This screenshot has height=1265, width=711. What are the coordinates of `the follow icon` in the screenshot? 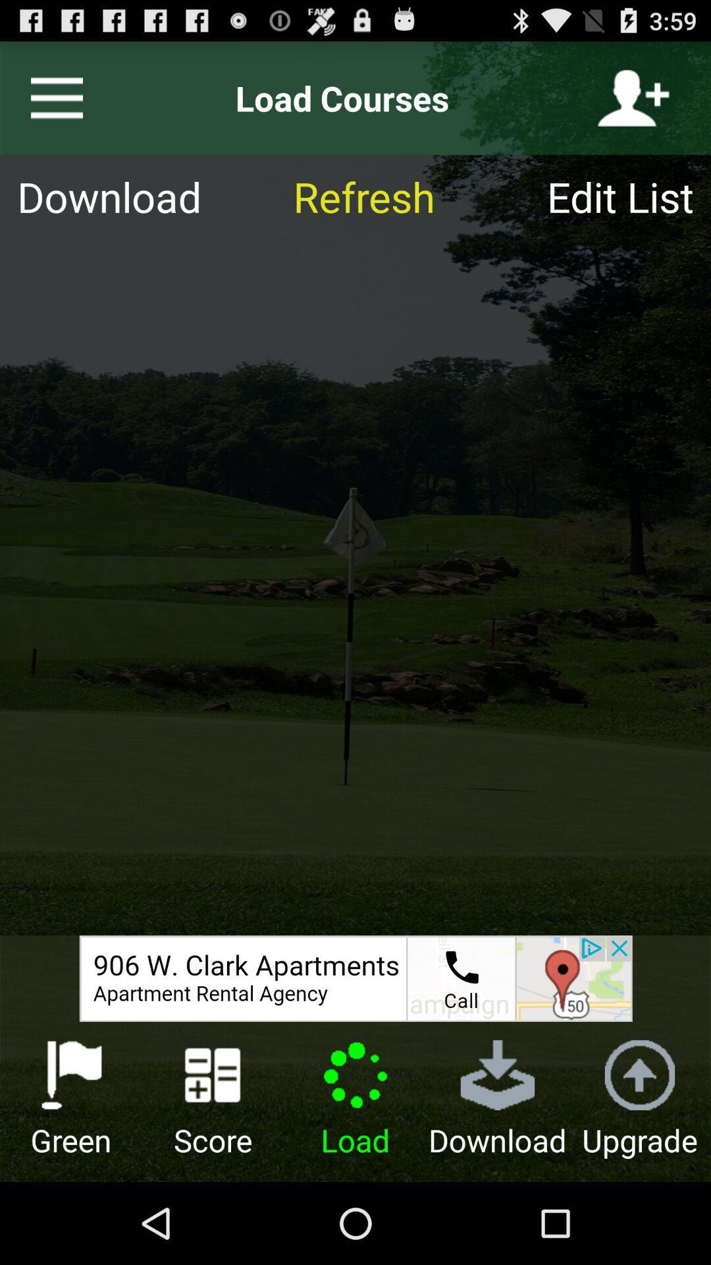 It's located at (633, 104).